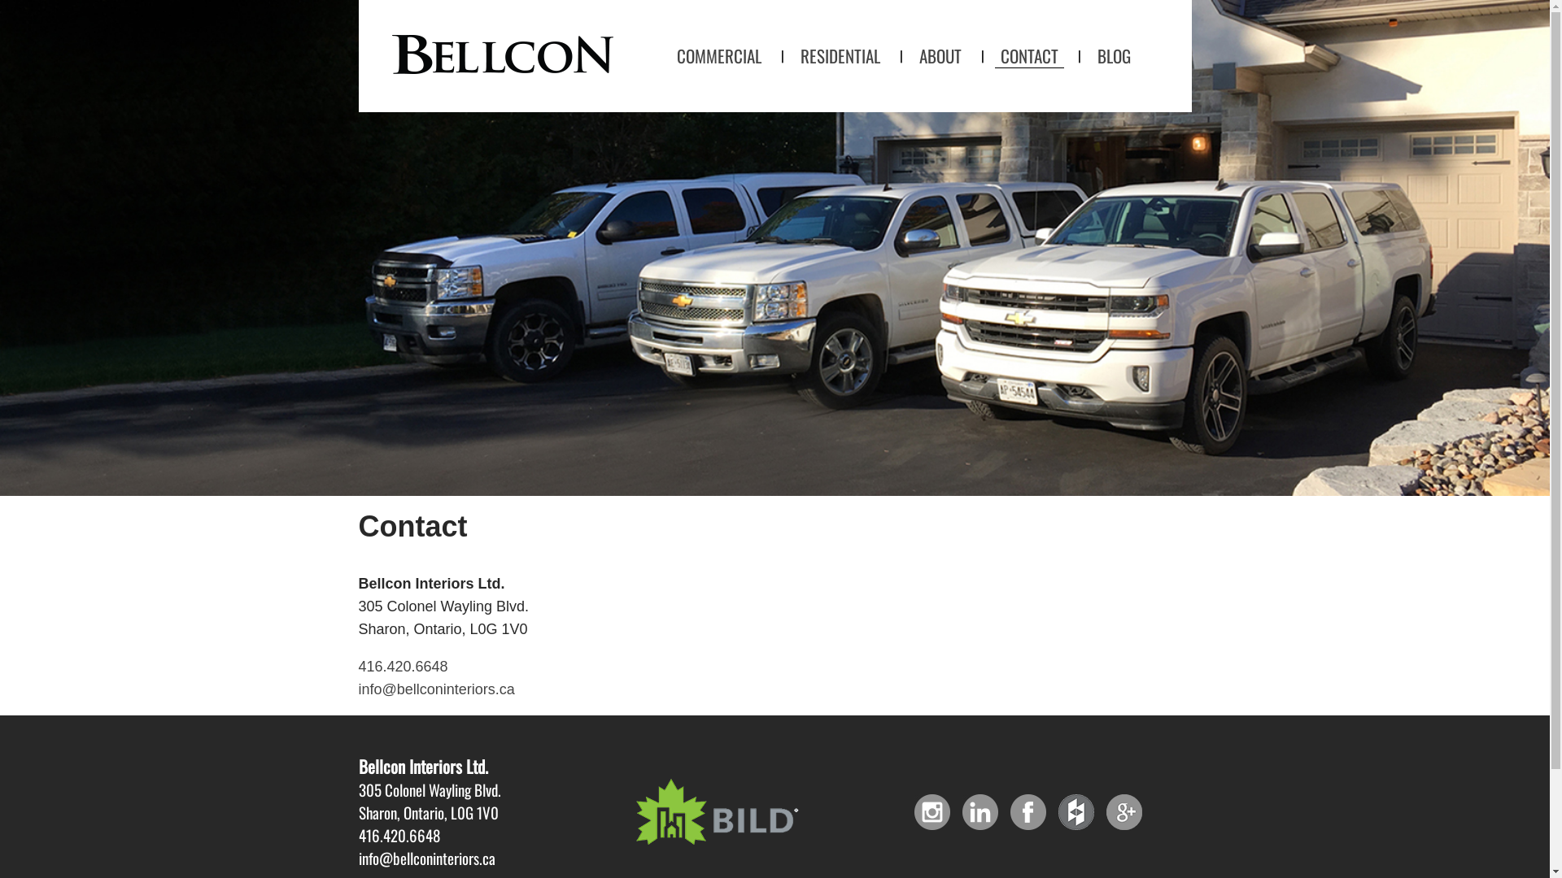 This screenshot has height=878, width=1562. I want to click on 'info@bellconinteriors.ca', so click(357, 689).